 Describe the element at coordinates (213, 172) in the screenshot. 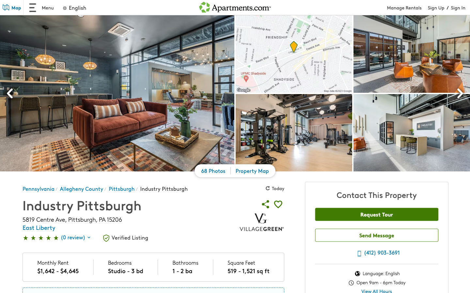

I see `the photo section and display all pictures` at that location.